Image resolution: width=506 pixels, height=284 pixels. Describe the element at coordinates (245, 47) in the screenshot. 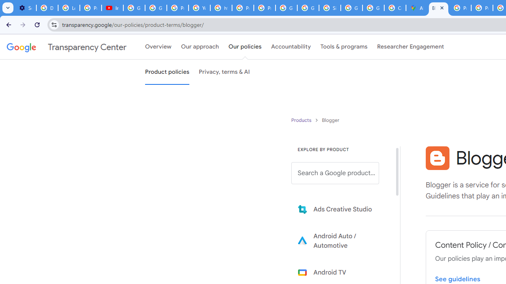

I see `'Our policies'` at that location.